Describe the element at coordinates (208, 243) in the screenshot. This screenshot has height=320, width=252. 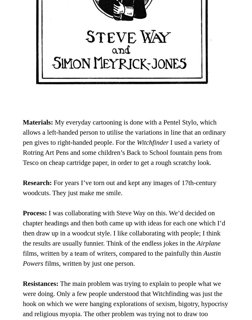
I see `'Airplane'` at that location.